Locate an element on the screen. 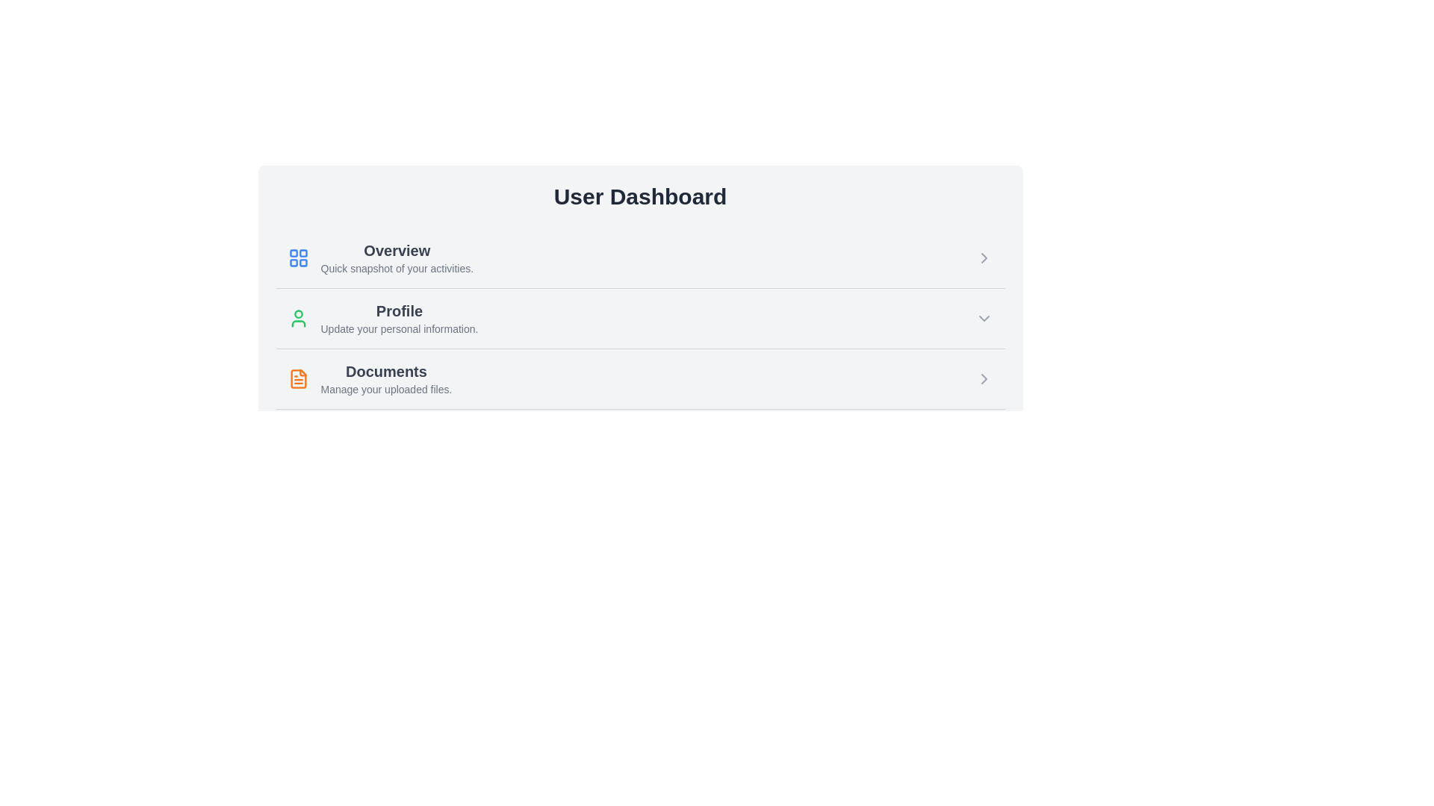 The height and width of the screenshot is (806, 1434). text label providing additional instruction or context to the 'Documents' section, located beneath the section title 'Documents' is located at coordinates (386, 388).